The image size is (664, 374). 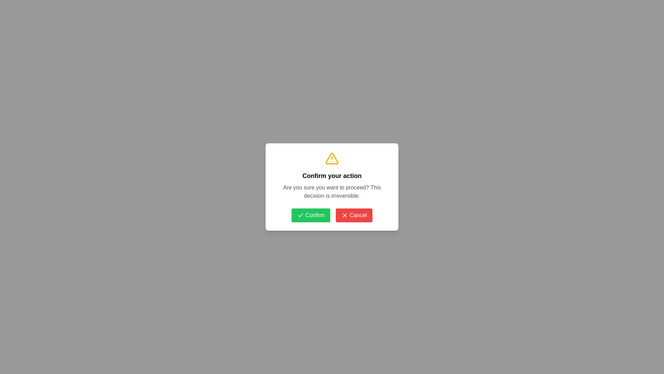 I want to click on the yellow triangular warning icon with an exclamation mark inside, which is centered above the main action text in the confirmation modal, so click(x=332, y=159).